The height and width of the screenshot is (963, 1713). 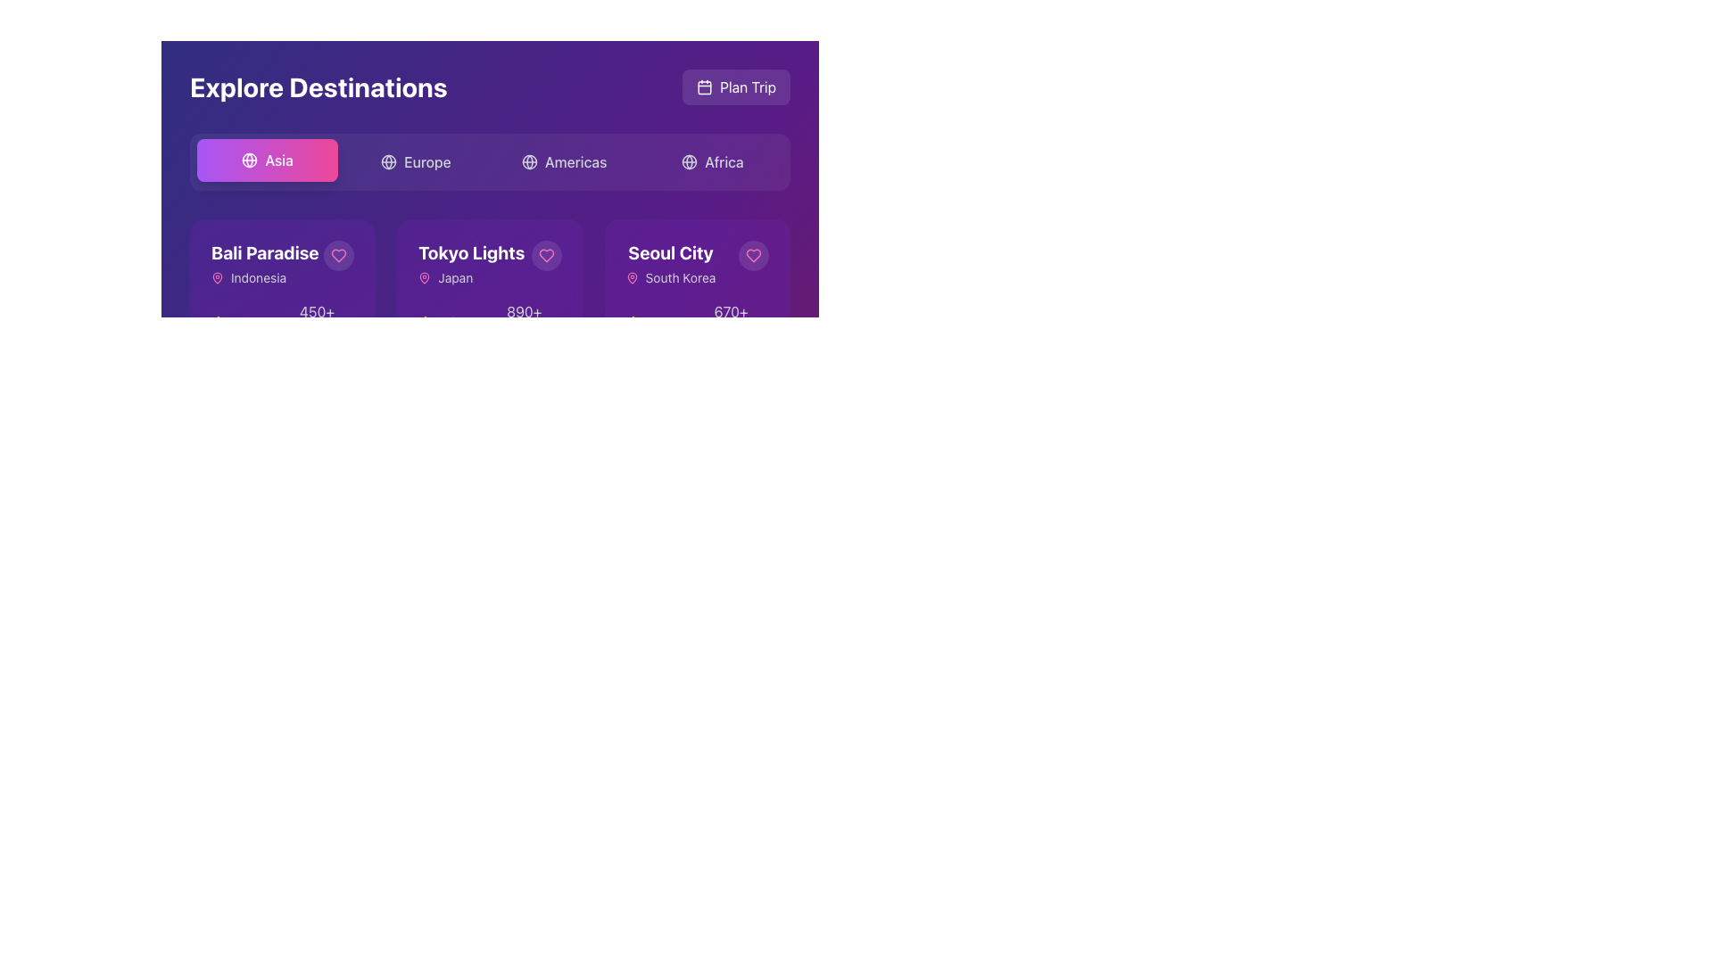 What do you see at coordinates (424, 278) in the screenshot?
I see `the Location Pin icon within the 'Tokyo Lights' card, which is positioned slightly above the 'Japan' label` at bounding box center [424, 278].